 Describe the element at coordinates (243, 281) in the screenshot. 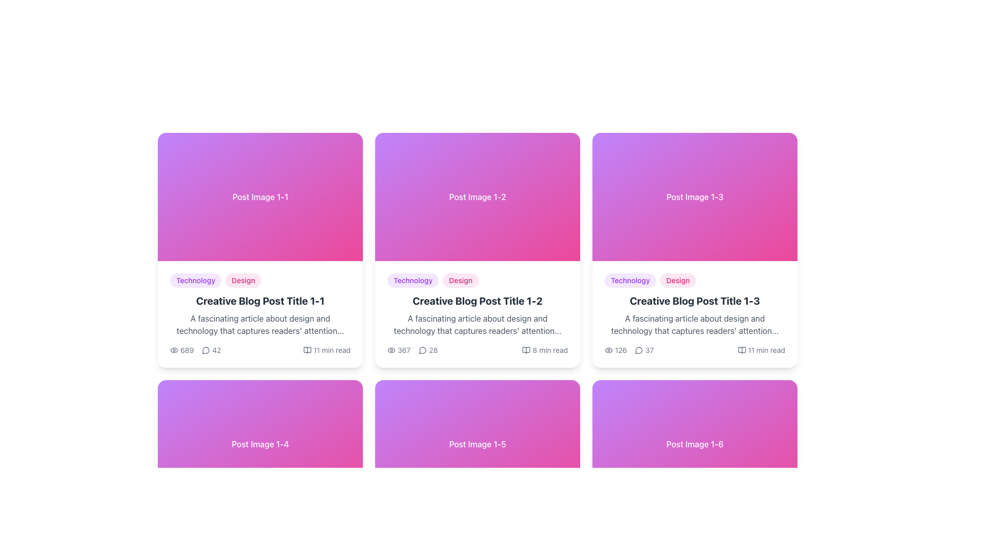

I see `the 'Design' tag with a pink background to filter by 'Design' in the blog post card` at that location.